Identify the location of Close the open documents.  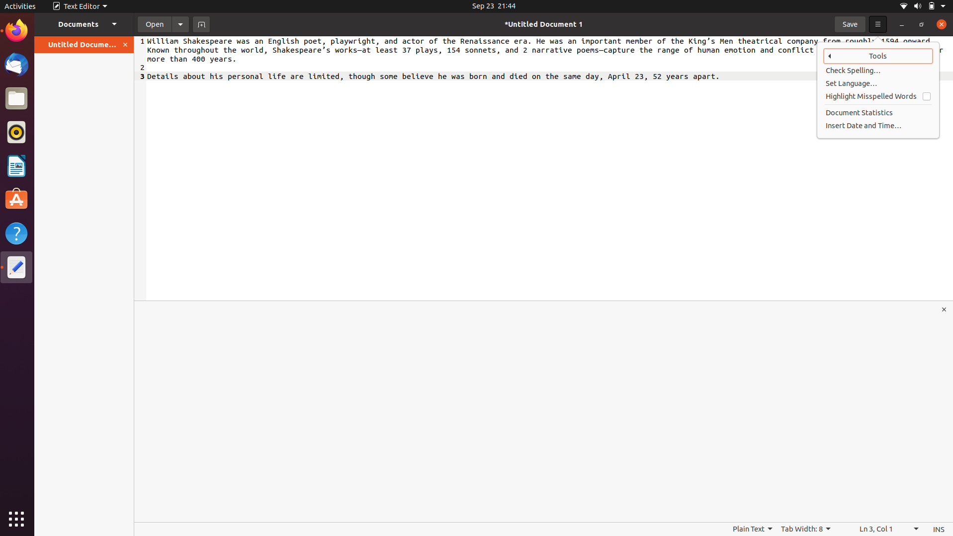
(125, 44).